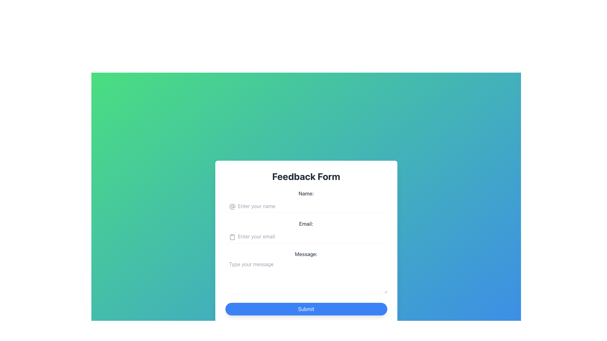  Describe the element at coordinates (306, 176) in the screenshot. I see `the header text element that provides the title for the form, located at the top-center position above the input fields` at that location.